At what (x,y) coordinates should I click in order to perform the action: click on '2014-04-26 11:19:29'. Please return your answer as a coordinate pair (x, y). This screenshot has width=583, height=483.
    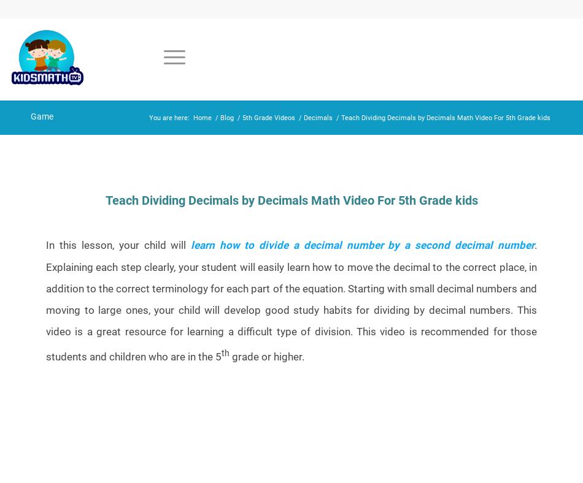
    Looking at the image, I should click on (136, 216).